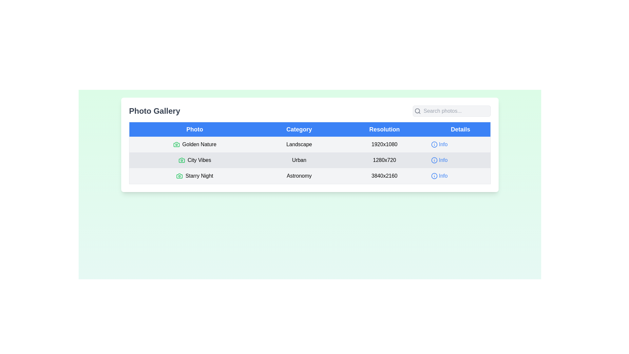 The image size is (629, 354). Describe the element at coordinates (434, 144) in the screenshot. I see `the interactive icon located in the Details column of the first row, next to the text 'Info'` at that location.